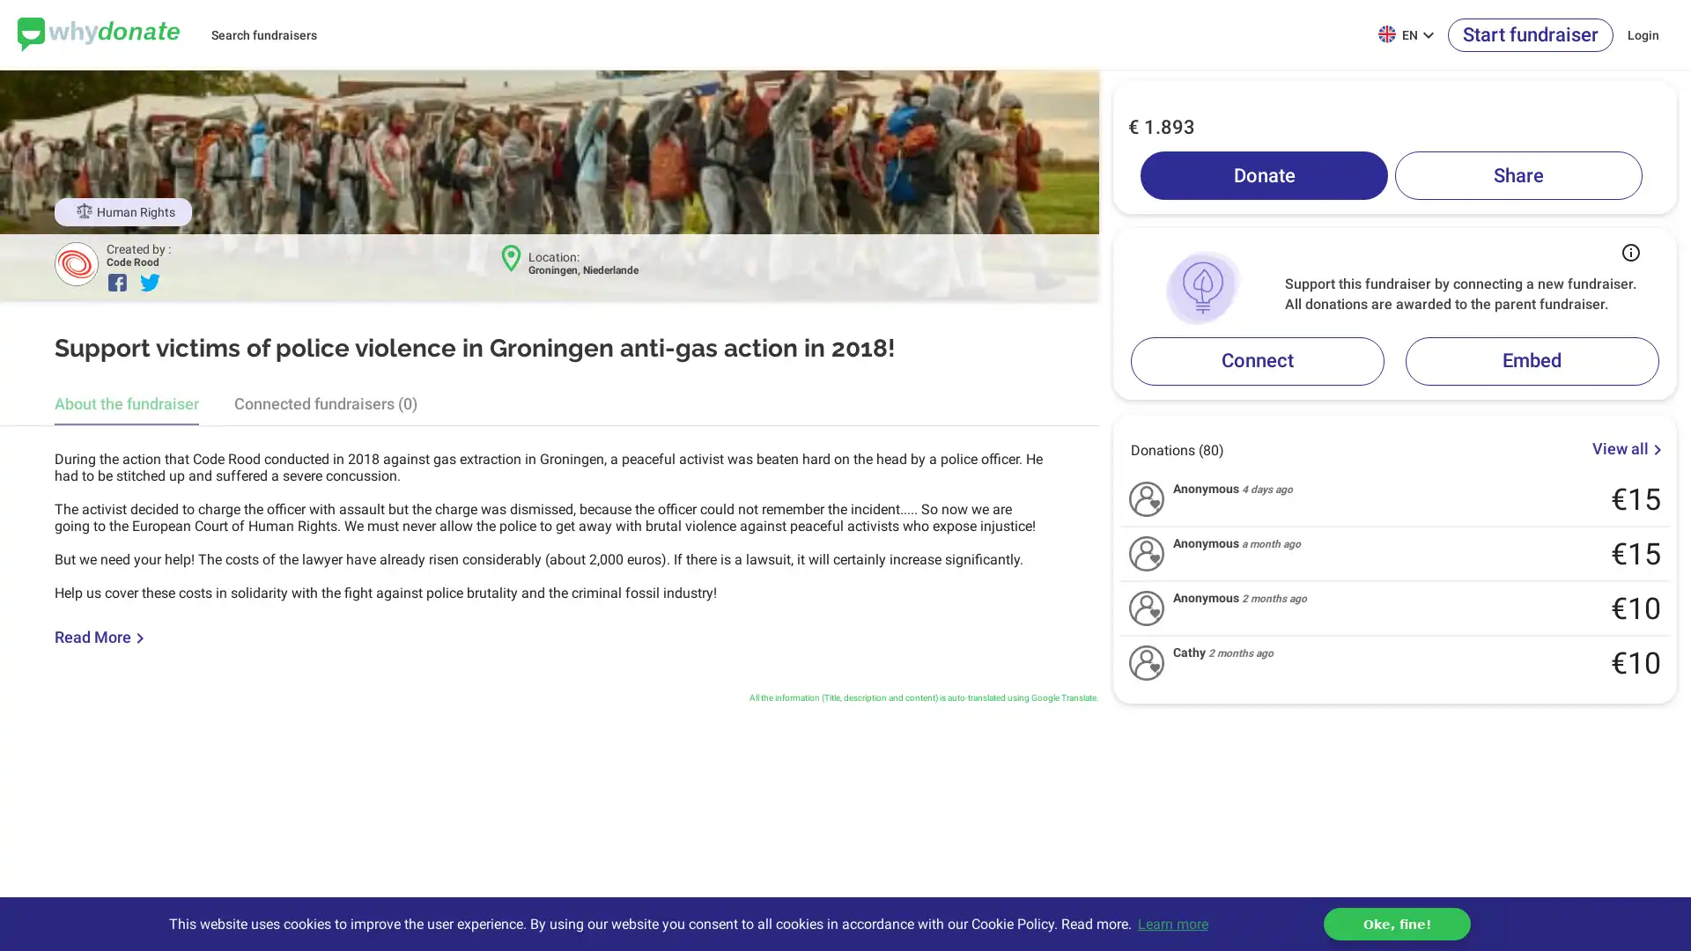 This screenshot has width=1691, height=951. I want to click on dismiss cookie message, so click(1396, 923).